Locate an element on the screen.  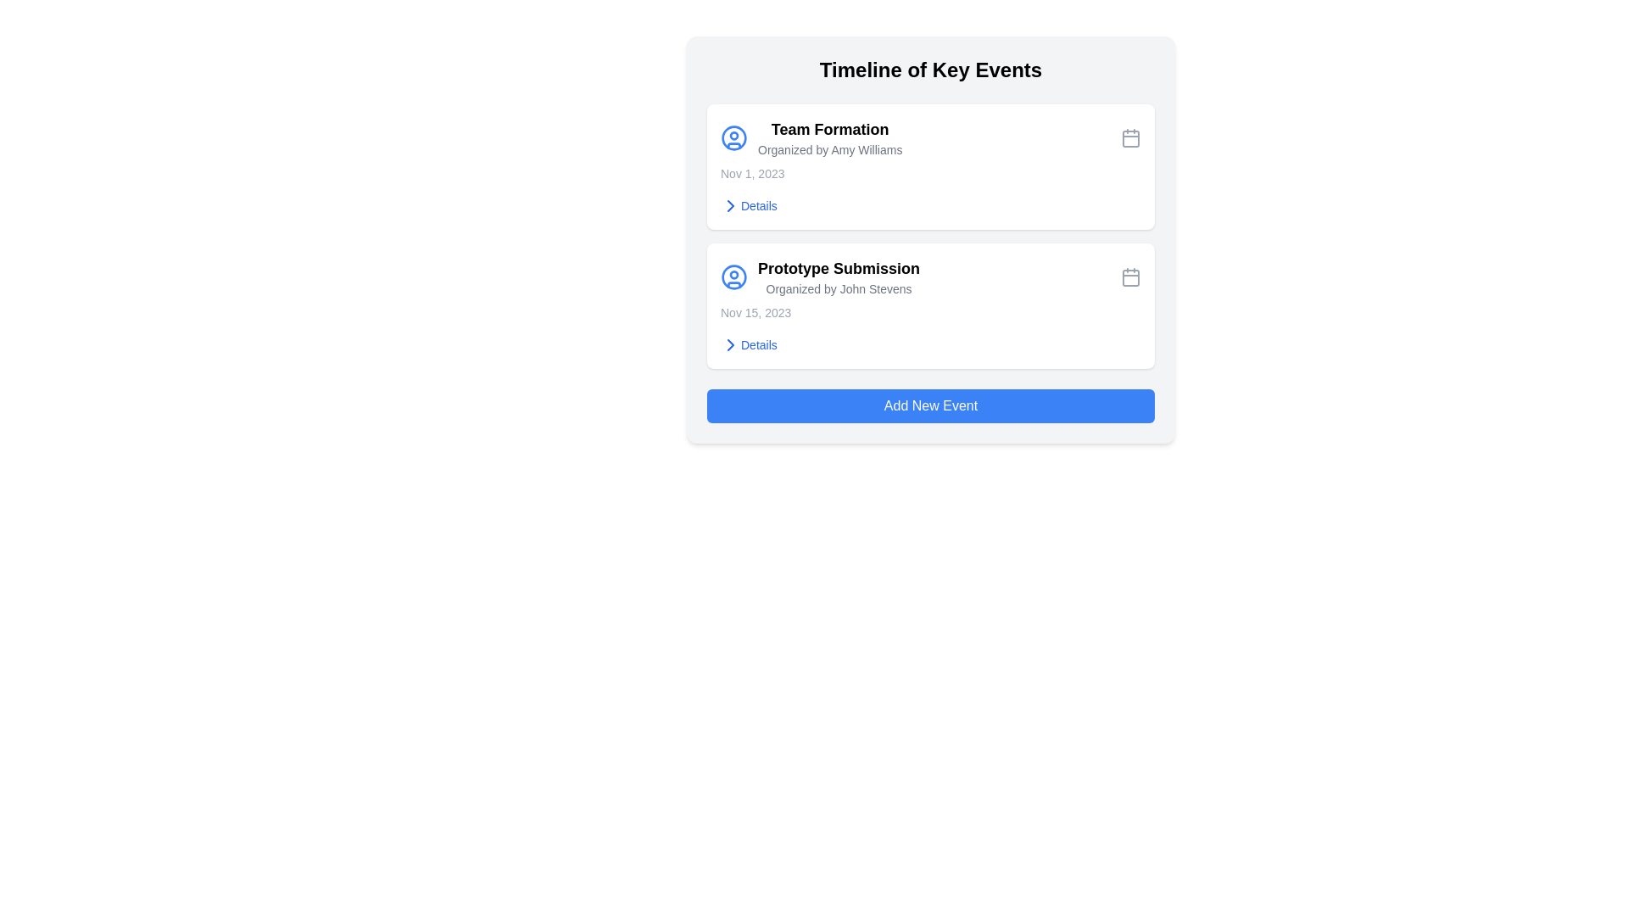
the user avatar icon representing the event organizer located in the 'Team Formation' section at the top of the 'Timeline of Key Events' panel is located at coordinates (733, 276).